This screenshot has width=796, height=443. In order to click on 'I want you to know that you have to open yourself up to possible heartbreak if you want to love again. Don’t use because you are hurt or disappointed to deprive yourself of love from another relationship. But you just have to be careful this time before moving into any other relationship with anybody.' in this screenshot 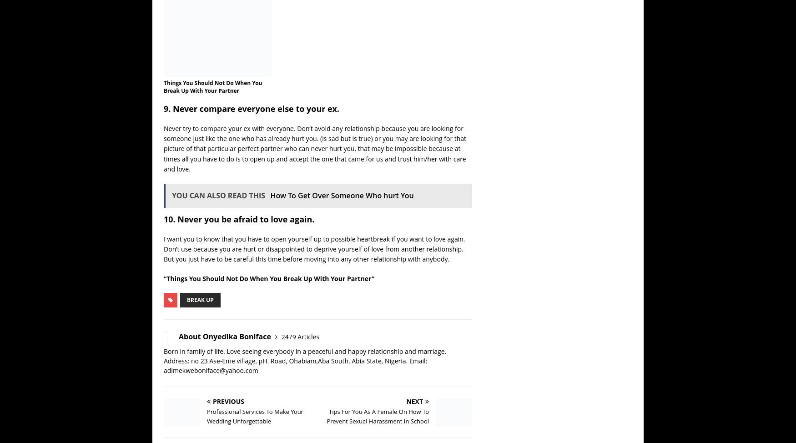, I will do `click(314, 248)`.